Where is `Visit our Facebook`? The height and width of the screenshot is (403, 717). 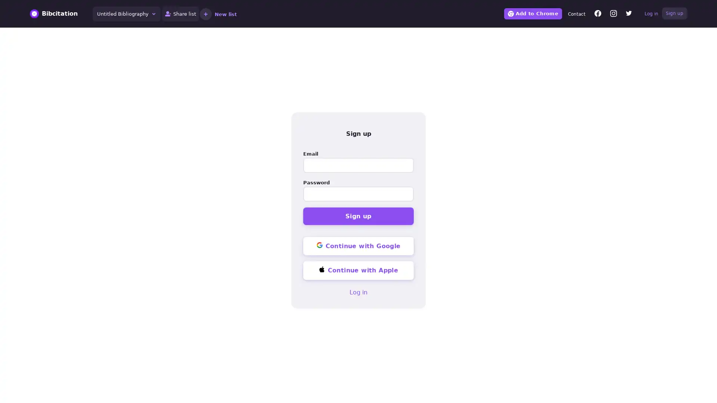 Visit our Facebook is located at coordinates (598, 14).